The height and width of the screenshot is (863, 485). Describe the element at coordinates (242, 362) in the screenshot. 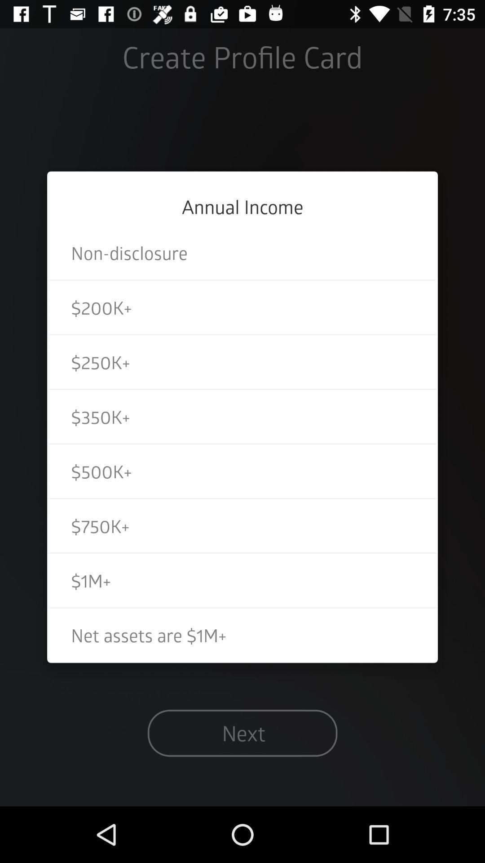

I see `$250k+ icon` at that location.